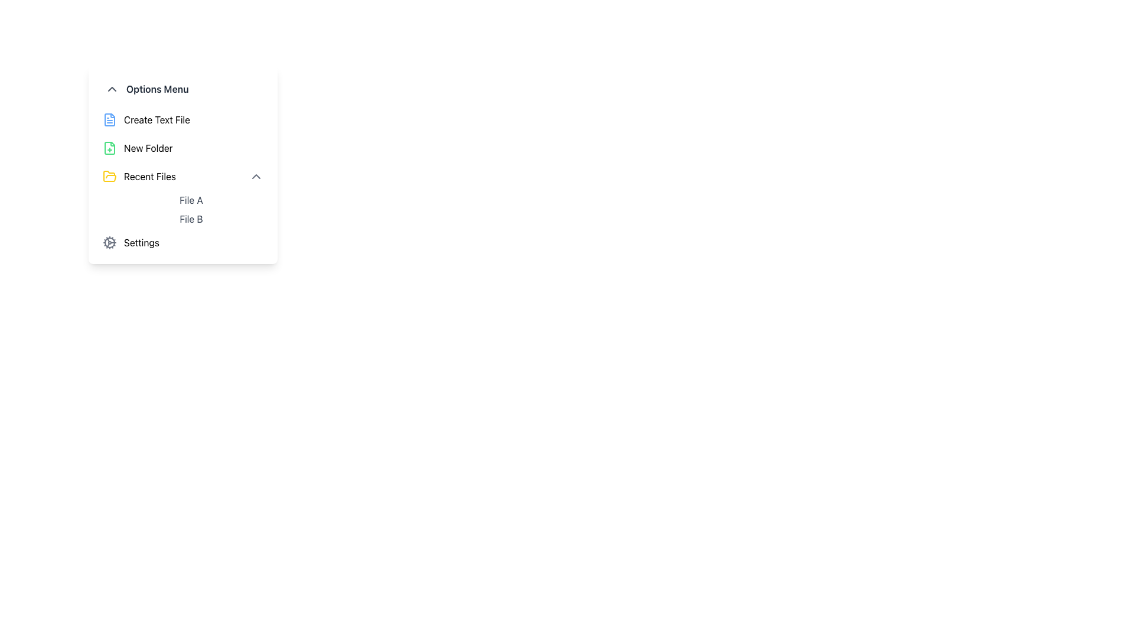 This screenshot has height=638, width=1134. I want to click on the green file icon with a plus symbol, located next to the 'New Folder' text in the main menu, so click(110, 147).